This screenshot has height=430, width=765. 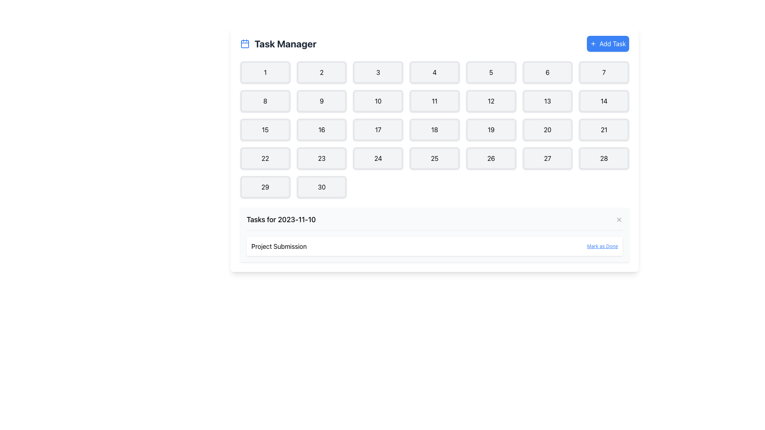 What do you see at coordinates (378, 158) in the screenshot?
I see `the date selection button labeled '24', which is a rectangular tile with a light gray background and dark font` at bounding box center [378, 158].